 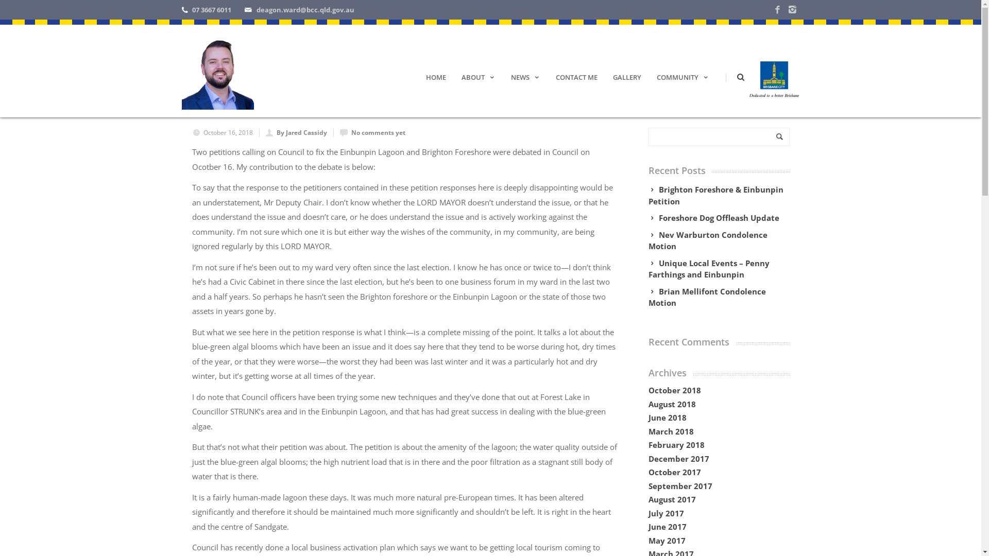 What do you see at coordinates (683, 75) in the screenshot?
I see `'COMMUNITY'` at bounding box center [683, 75].